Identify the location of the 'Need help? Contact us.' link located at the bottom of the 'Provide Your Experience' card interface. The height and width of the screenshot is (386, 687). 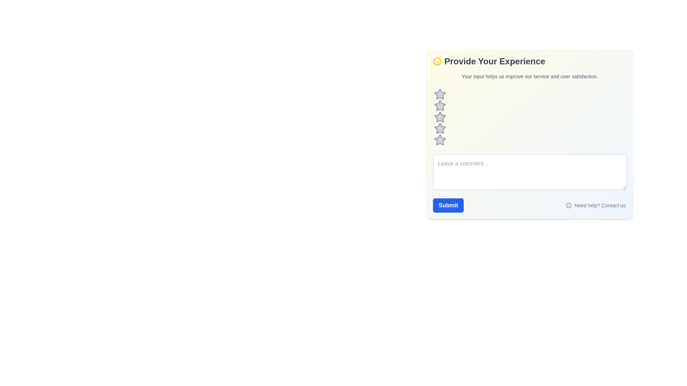
(530, 205).